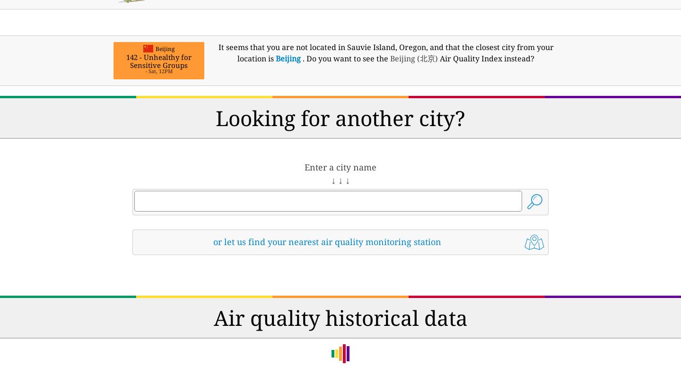 This screenshot has height=383, width=681. What do you see at coordinates (395, 52) in the screenshot?
I see `', and that the closest city from your location is'` at bounding box center [395, 52].